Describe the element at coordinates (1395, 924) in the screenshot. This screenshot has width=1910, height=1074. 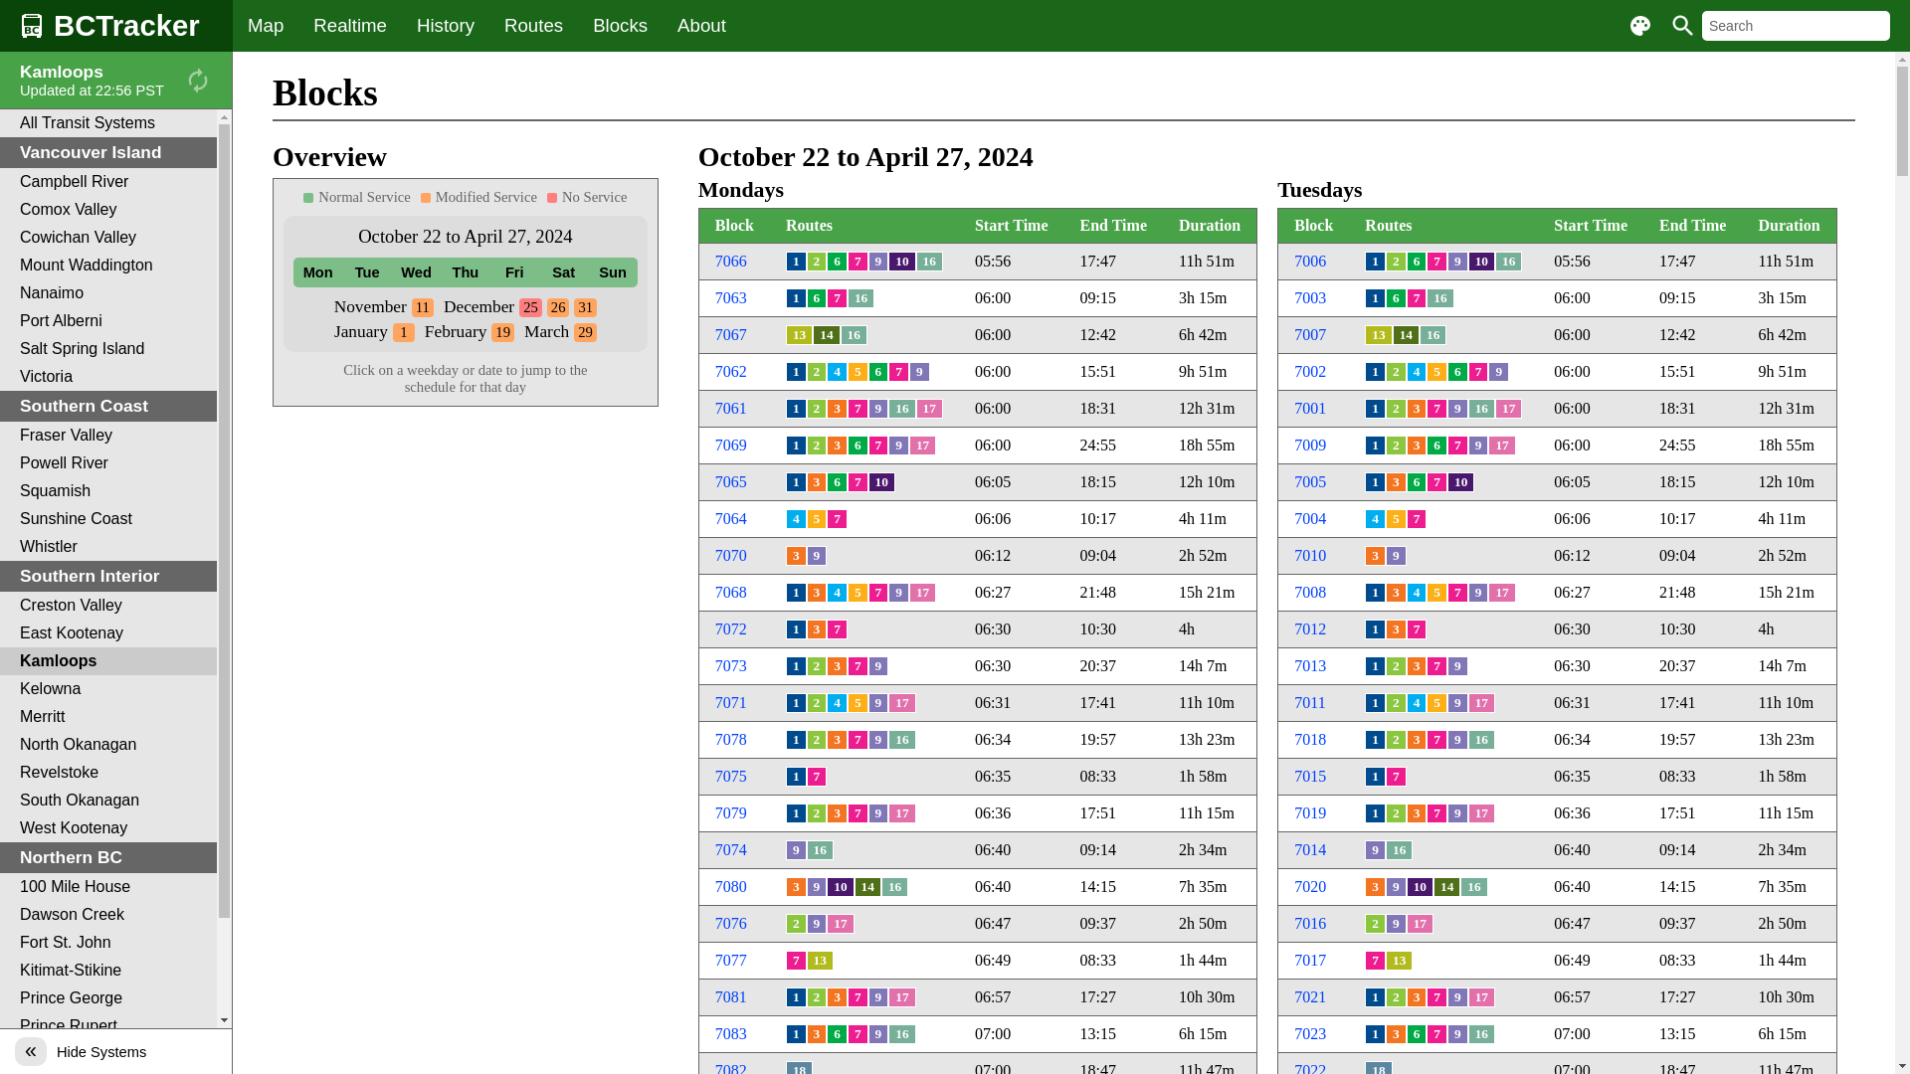
I see `'9'` at that location.